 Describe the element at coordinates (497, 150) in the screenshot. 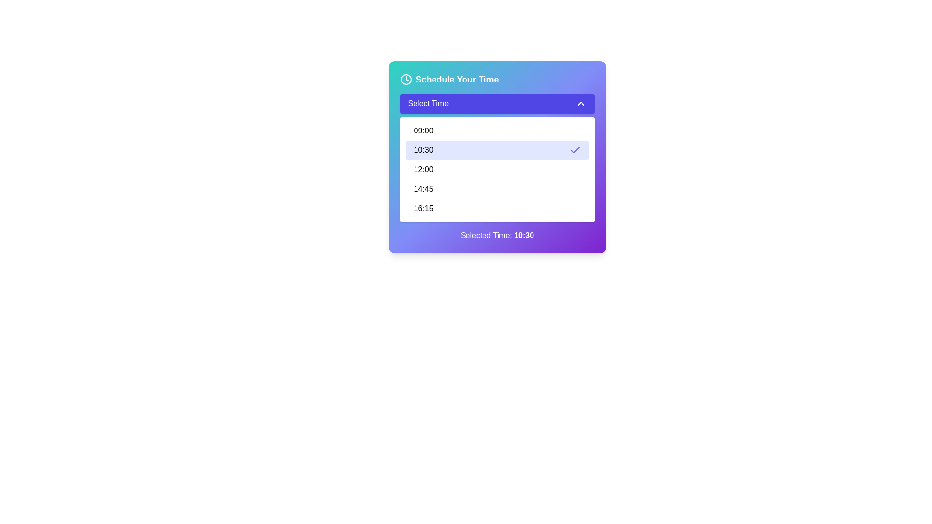

I see `the selectable list item displaying '10:30' in the scheduling interface` at that location.